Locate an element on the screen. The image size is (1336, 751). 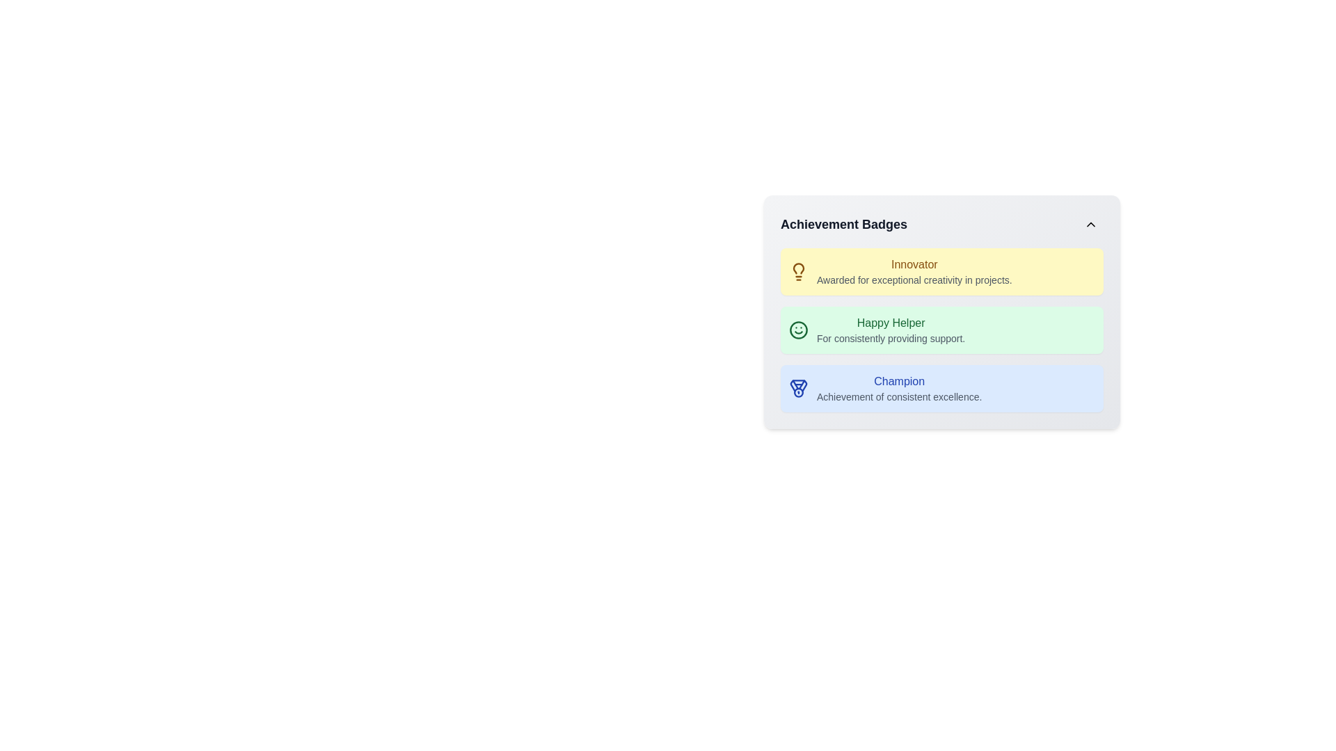
the green smiley face icon located in the left portion of the second row of the achievement badges section, which is marked by a green background and titled 'Happy Helper' is located at coordinates (798, 330).